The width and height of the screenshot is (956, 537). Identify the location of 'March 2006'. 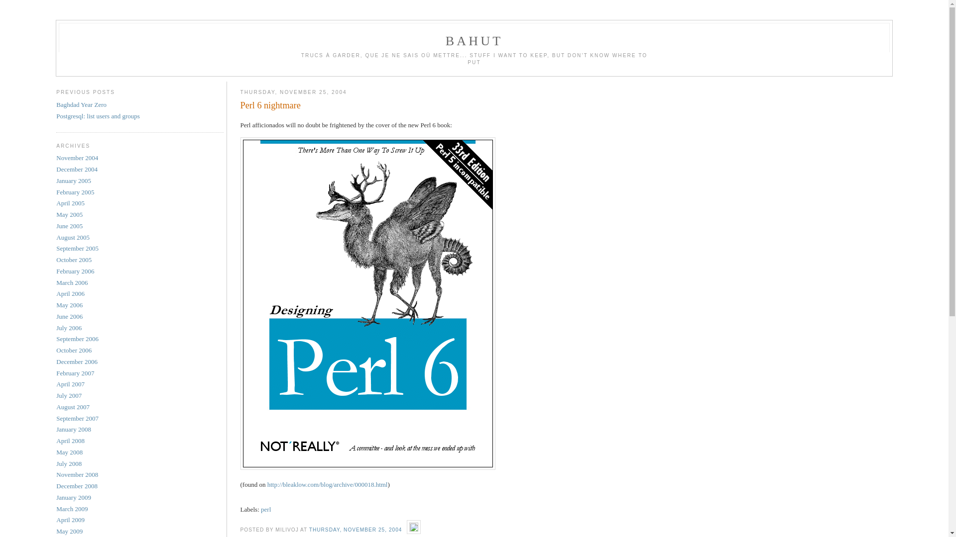
(71, 282).